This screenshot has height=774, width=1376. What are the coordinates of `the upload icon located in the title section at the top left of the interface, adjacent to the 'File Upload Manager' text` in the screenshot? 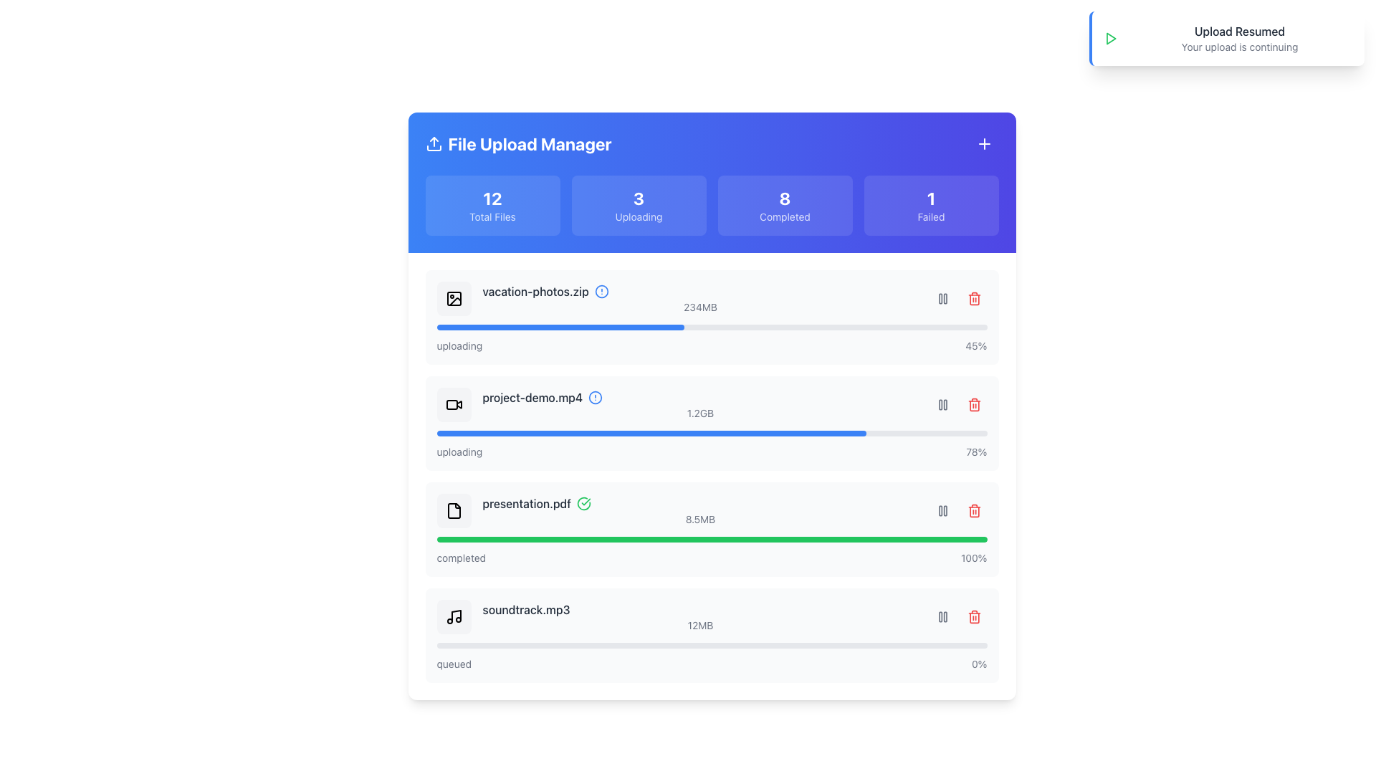 It's located at (433, 148).